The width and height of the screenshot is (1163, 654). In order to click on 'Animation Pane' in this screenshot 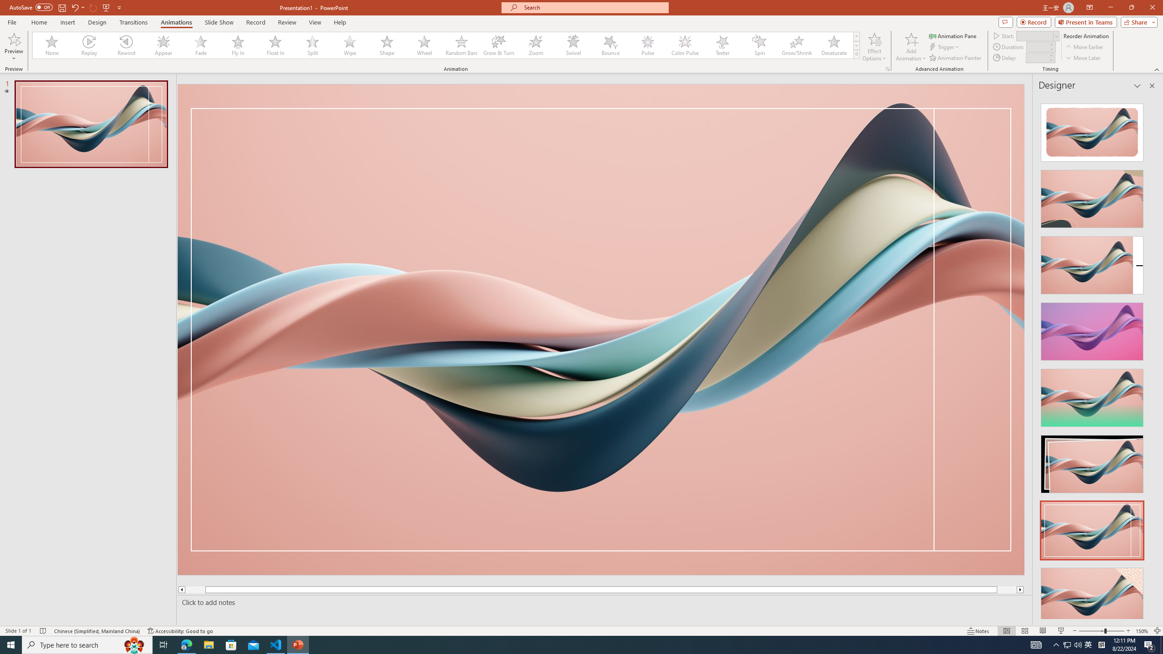, I will do `click(954, 35)`.